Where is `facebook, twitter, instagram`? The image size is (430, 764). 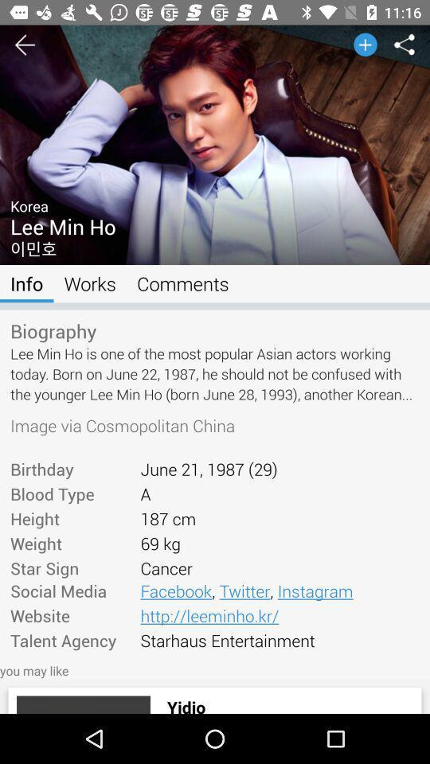 facebook, twitter, instagram is located at coordinates (279, 590).